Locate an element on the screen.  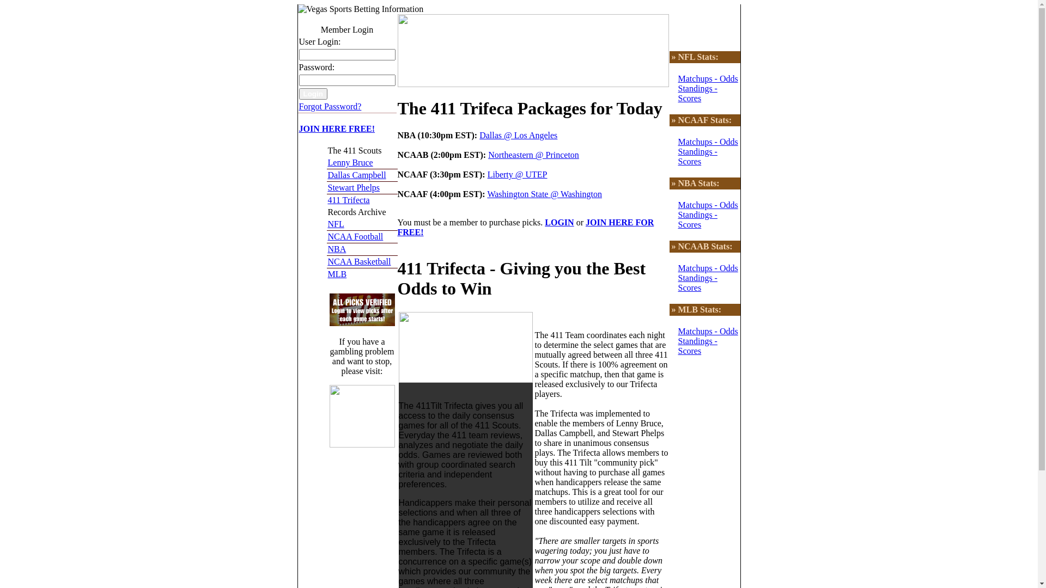
'Matchups - Odds is located at coordinates (708, 151).